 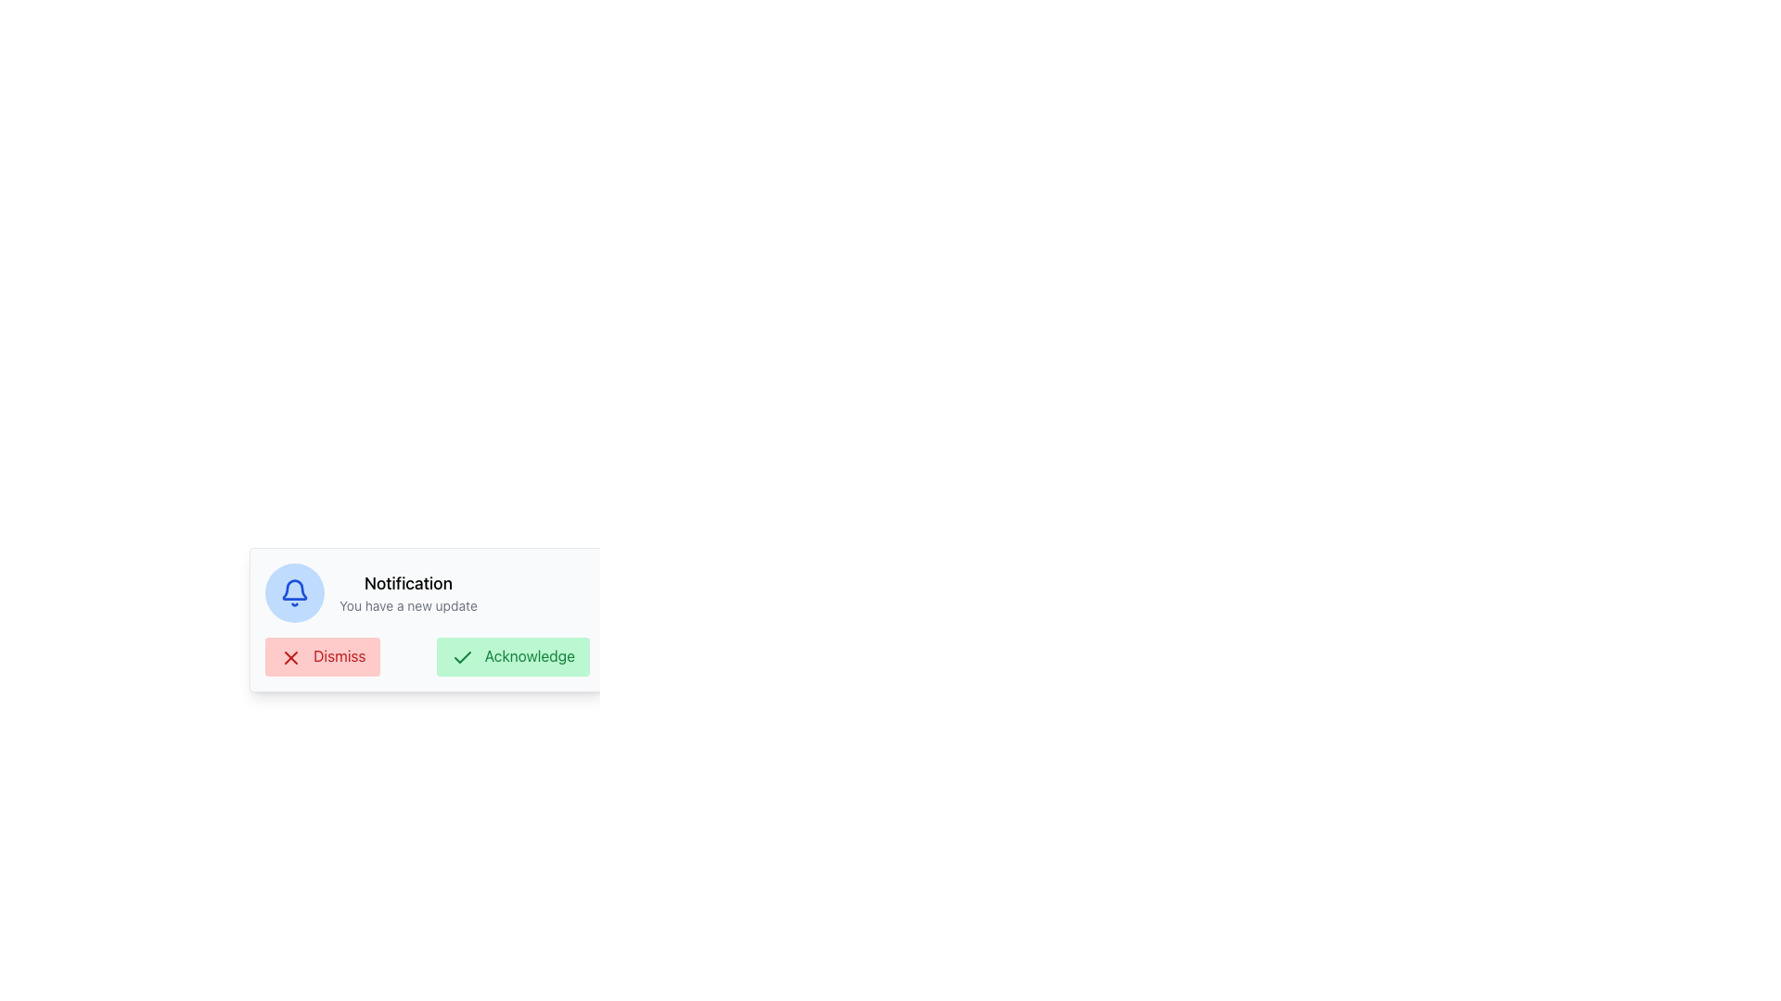 What do you see at coordinates (426, 655) in the screenshot?
I see `the 'Acknowledge' button located in the lower region of the notification component to acknowledge the notification` at bounding box center [426, 655].